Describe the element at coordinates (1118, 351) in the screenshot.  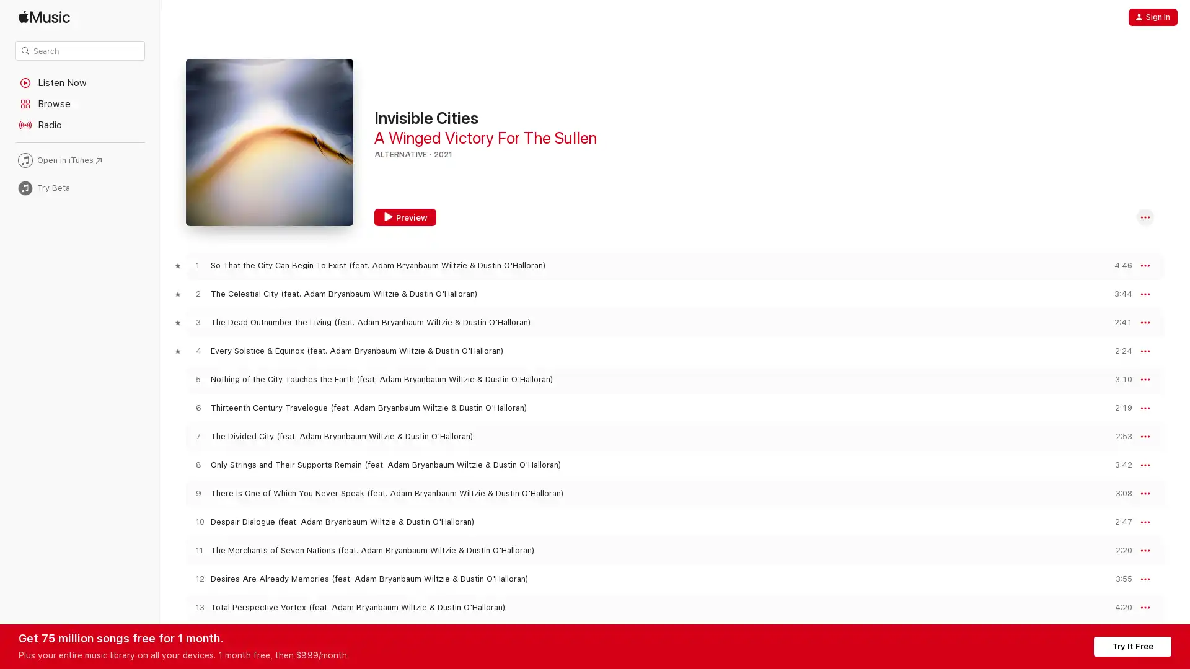
I see `Preview` at that location.